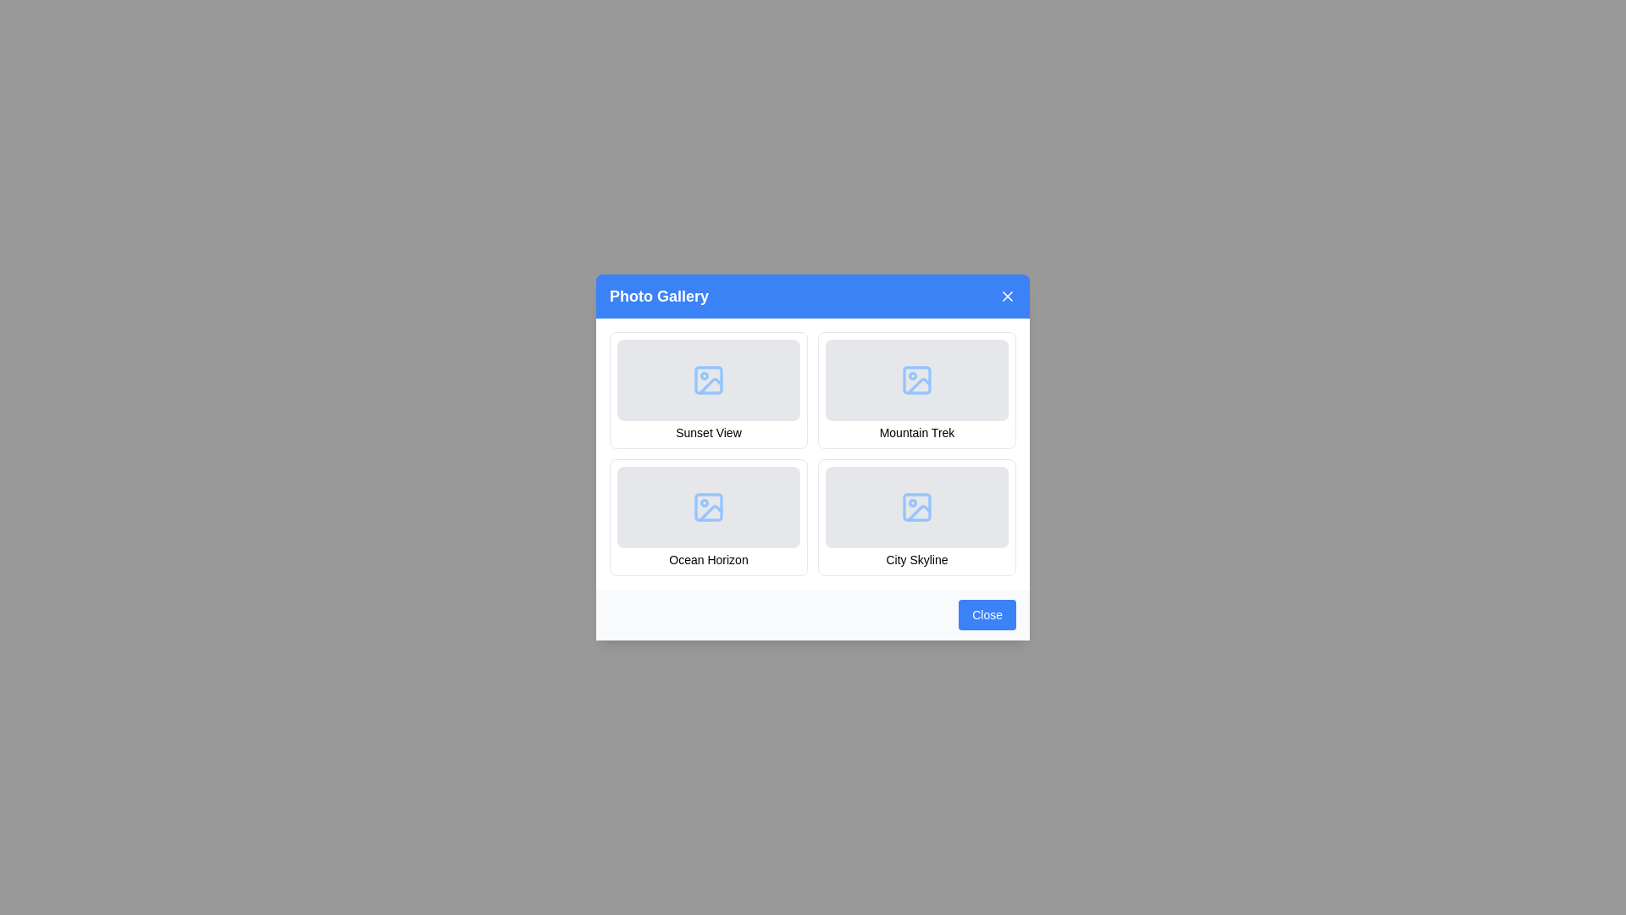  Describe the element at coordinates (708, 506) in the screenshot. I see `the Decorative graphic element in the 'Ocean Horizon' section of the 'Photo Gallery' modal, which is a light blue rectangular shape with rounded corners located in the second row of a four-image grid` at that location.